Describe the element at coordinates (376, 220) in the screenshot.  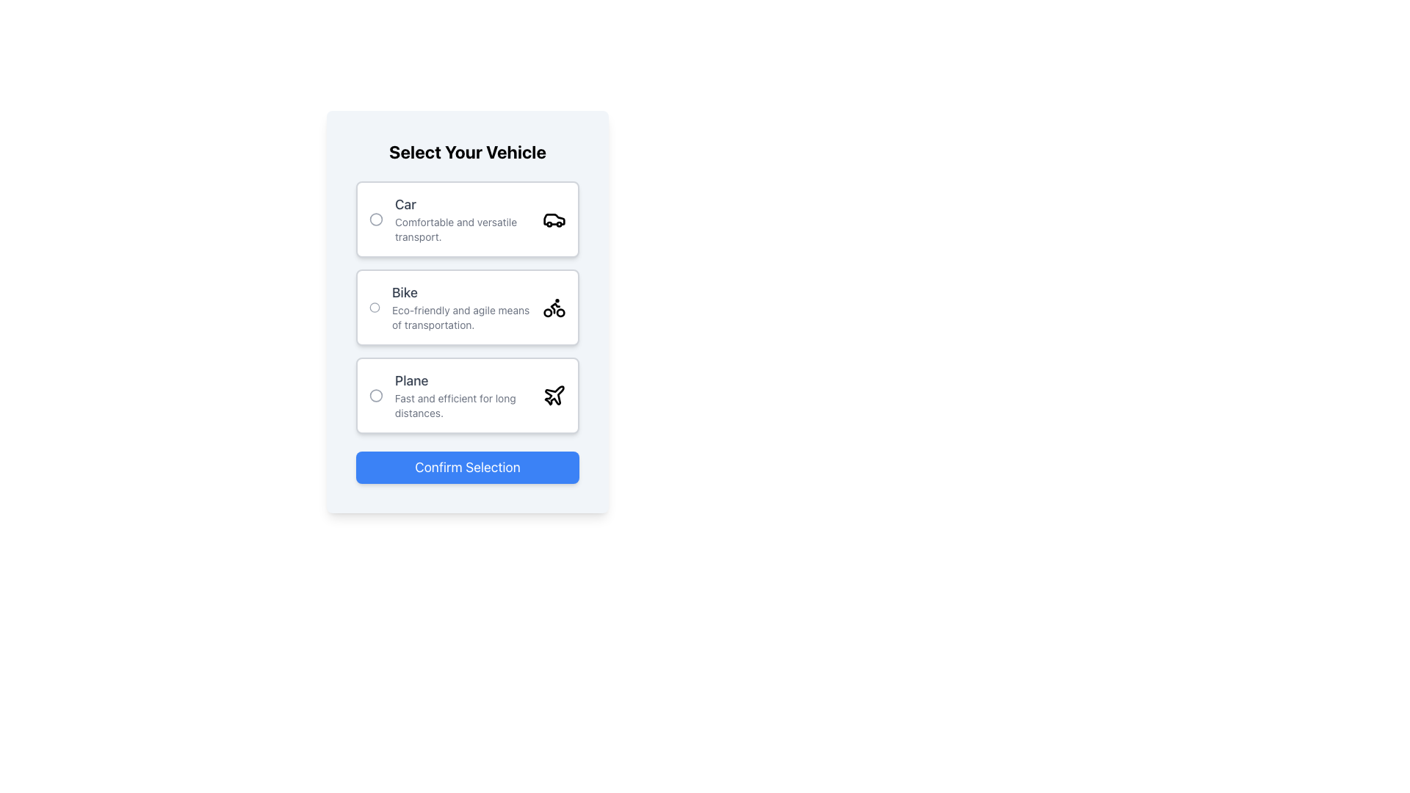
I see `the circular radio button located to the left of the 'Car' label in the rectangular card containing the option 'Car' with a description 'Comfortable and versatile transport.'` at that location.